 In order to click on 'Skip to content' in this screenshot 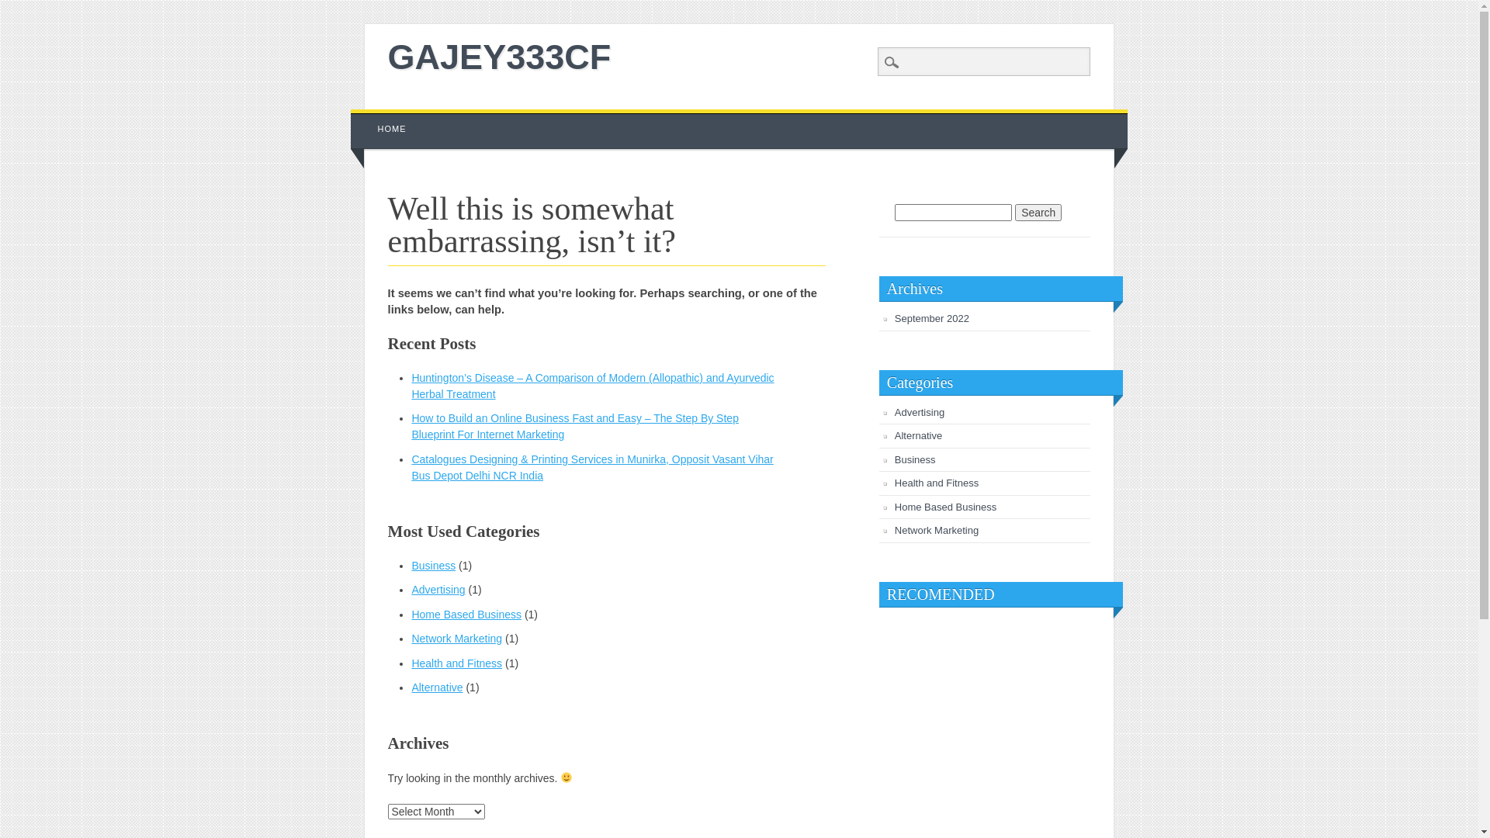, I will do `click(349, 116)`.